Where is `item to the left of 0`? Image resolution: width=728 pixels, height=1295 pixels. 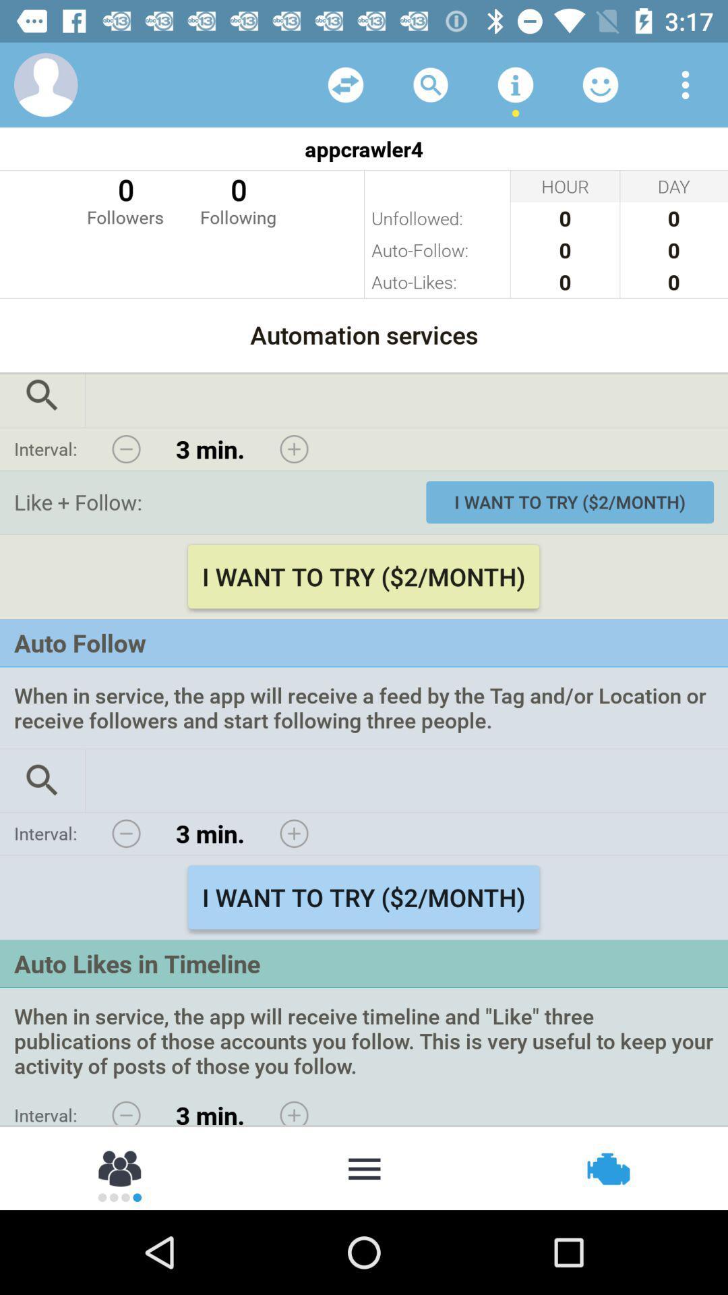
item to the left of 0 is located at coordinates (125, 199).